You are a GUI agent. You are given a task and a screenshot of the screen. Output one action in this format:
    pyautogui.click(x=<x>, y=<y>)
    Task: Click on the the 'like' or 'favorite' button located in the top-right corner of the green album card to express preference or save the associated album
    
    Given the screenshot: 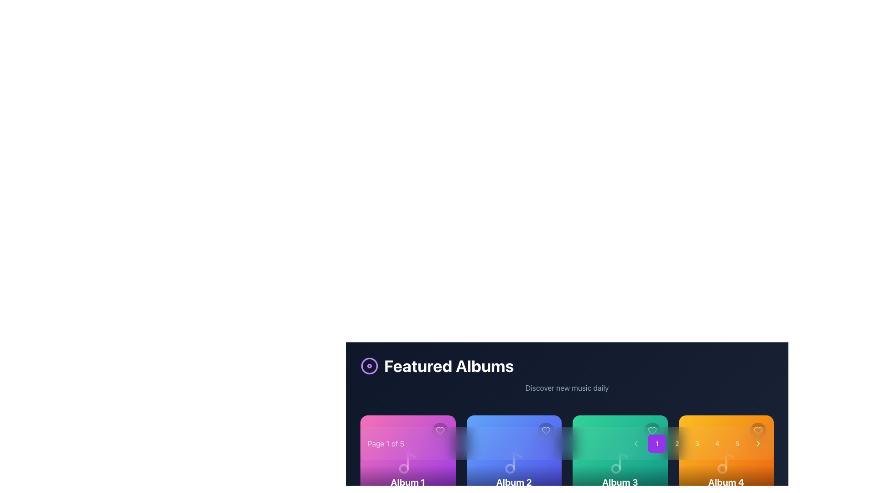 What is the action you would take?
    pyautogui.click(x=652, y=431)
    